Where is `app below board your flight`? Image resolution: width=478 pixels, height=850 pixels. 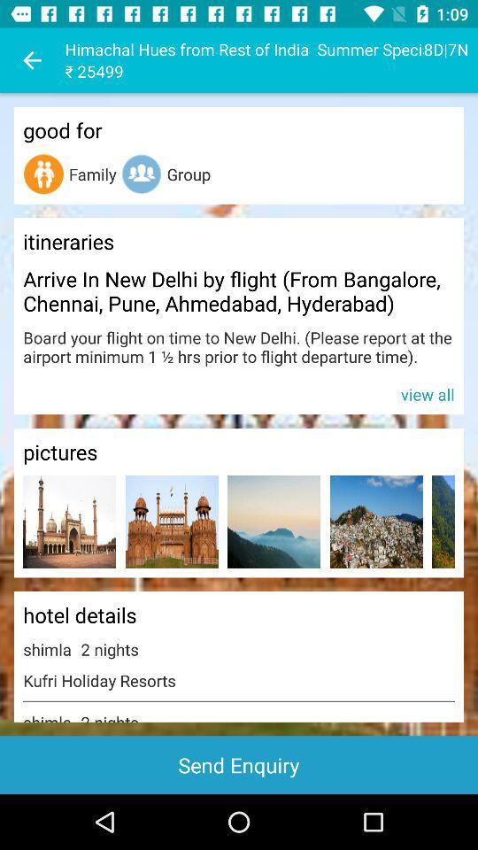 app below board your flight is located at coordinates (239, 393).